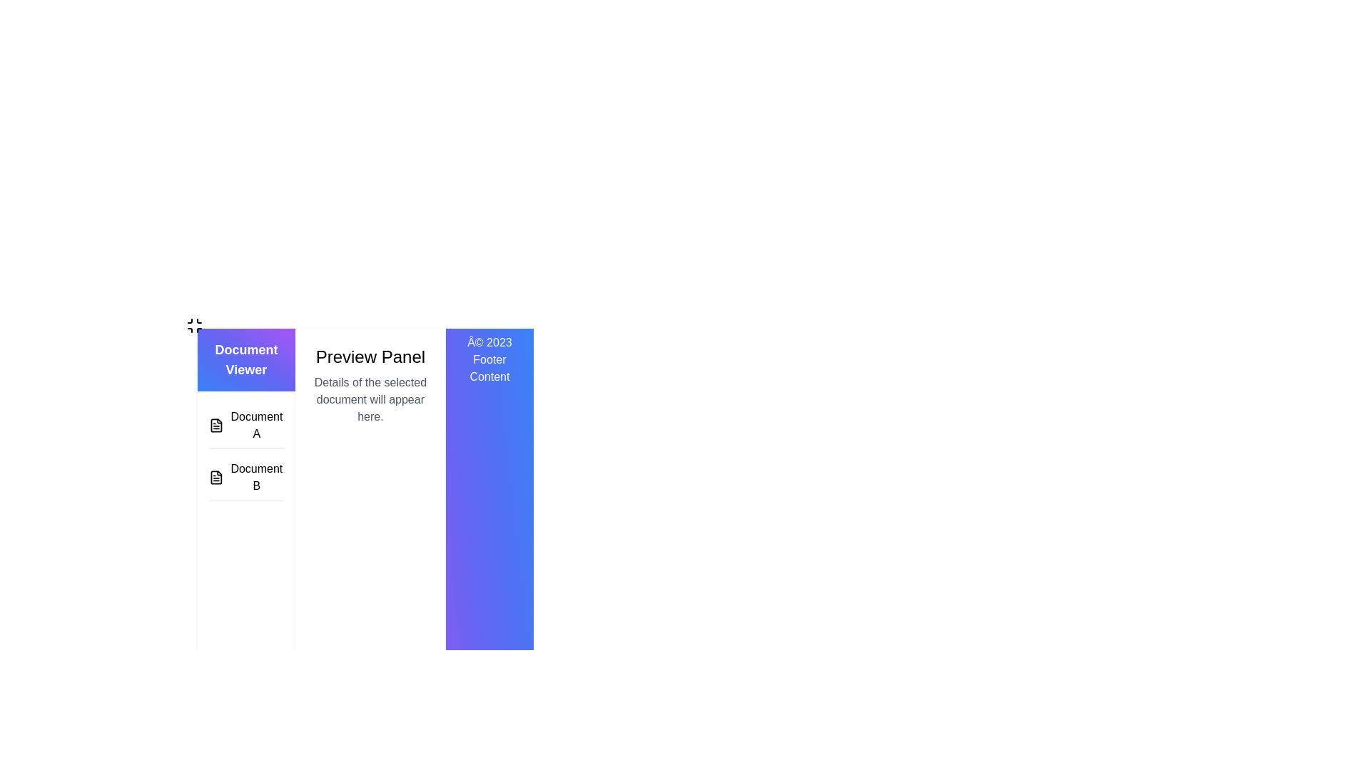 This screenshot has height=770, width=1370. I want to click on the rescaling button located in the top-left corner of the interface, so click(194, 325).